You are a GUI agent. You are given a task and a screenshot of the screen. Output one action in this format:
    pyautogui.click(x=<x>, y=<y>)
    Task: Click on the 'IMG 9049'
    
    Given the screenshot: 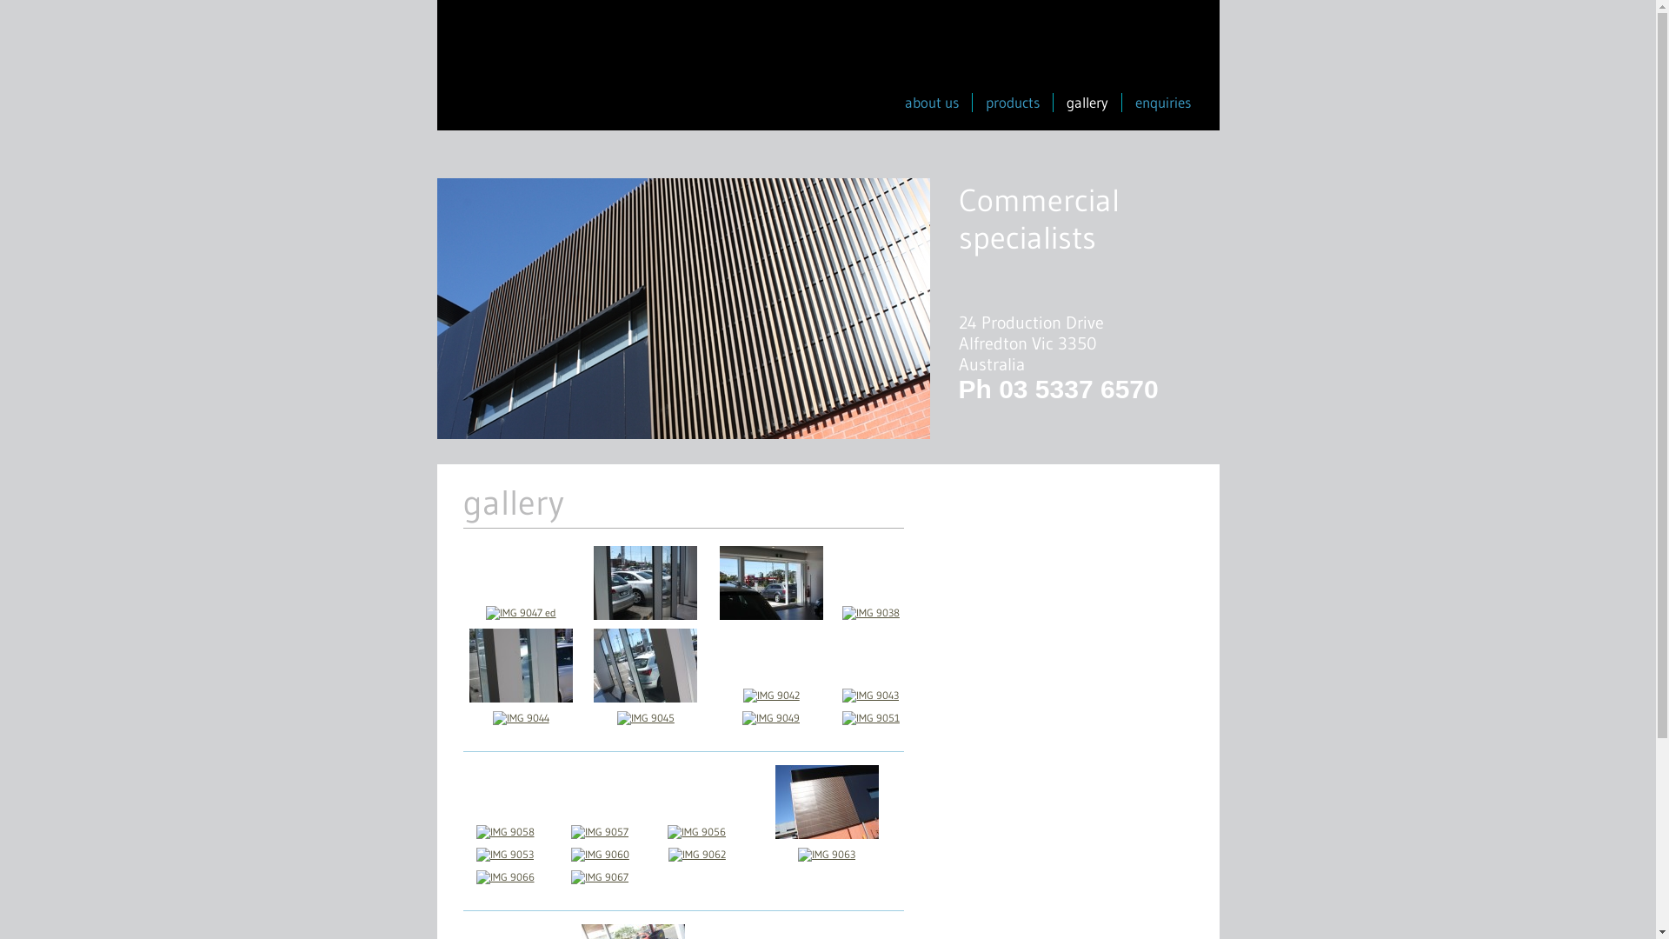 What is the action you would take?
    pyautogui.click(x=770, y=718)
    